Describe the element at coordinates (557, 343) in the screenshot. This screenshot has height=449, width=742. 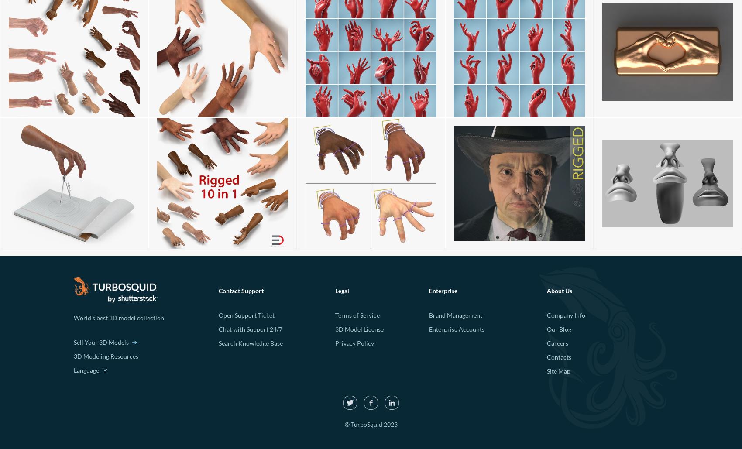
I see `'Careers'` at that location.